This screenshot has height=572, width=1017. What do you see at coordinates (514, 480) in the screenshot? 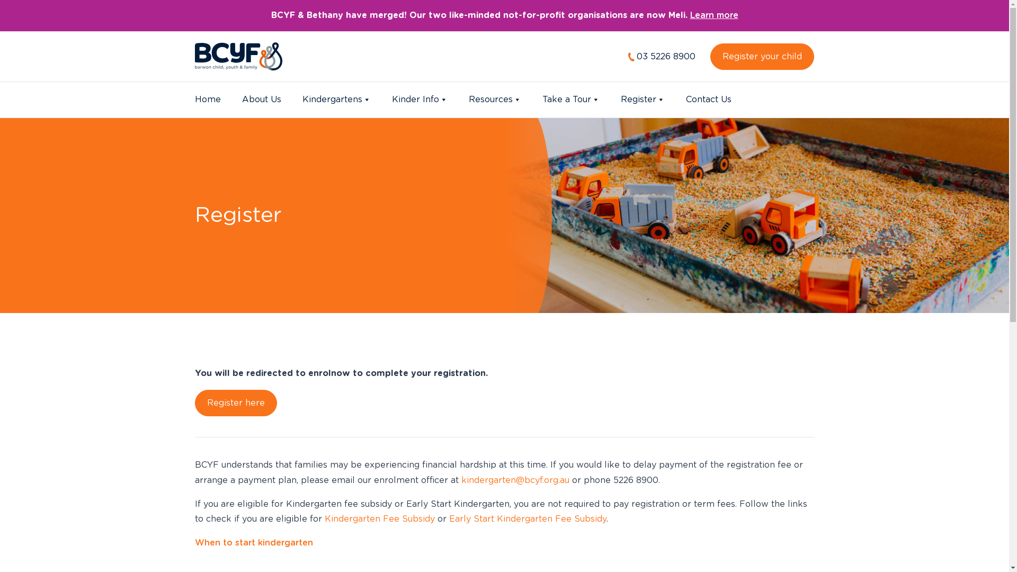
I see `'kindergarten@bcyf.org.au'` at bounding box center [514, 480].